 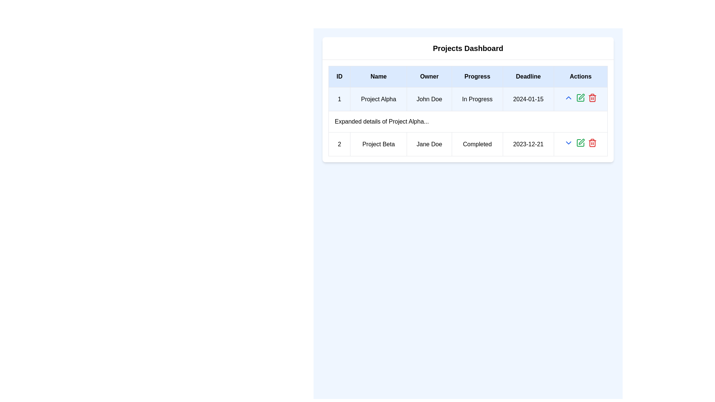 What do you see at coordinates (339, 144) in the screenshot?
I see `the Static Text Label element displaying the number '2', which is positioned in the first column of the second row in a grid layout` at bounding box center [339, 144].